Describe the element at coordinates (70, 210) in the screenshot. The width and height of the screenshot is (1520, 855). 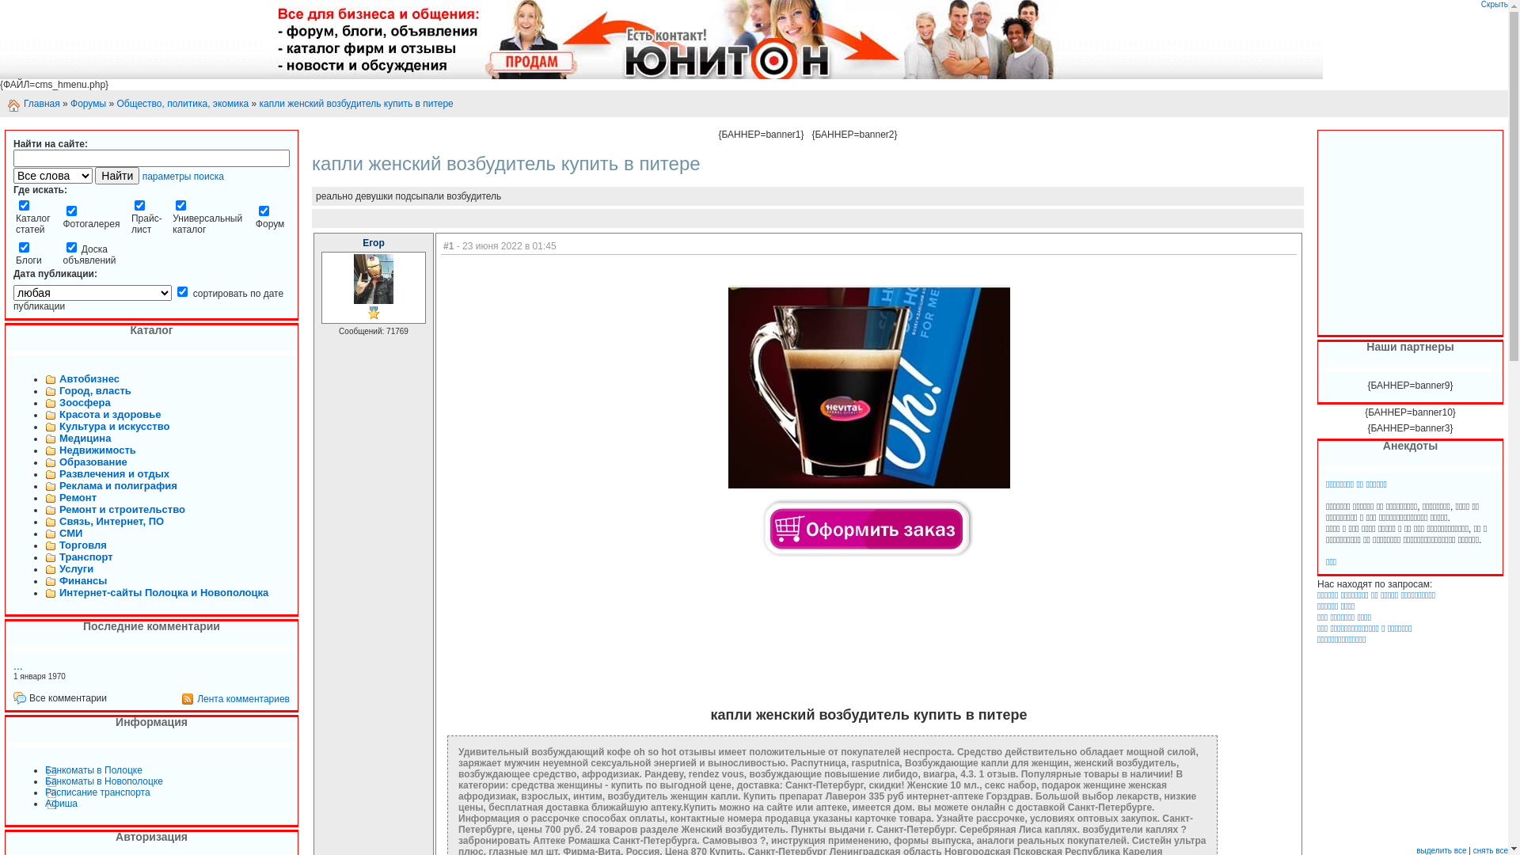
I see `'photos'` at that location.